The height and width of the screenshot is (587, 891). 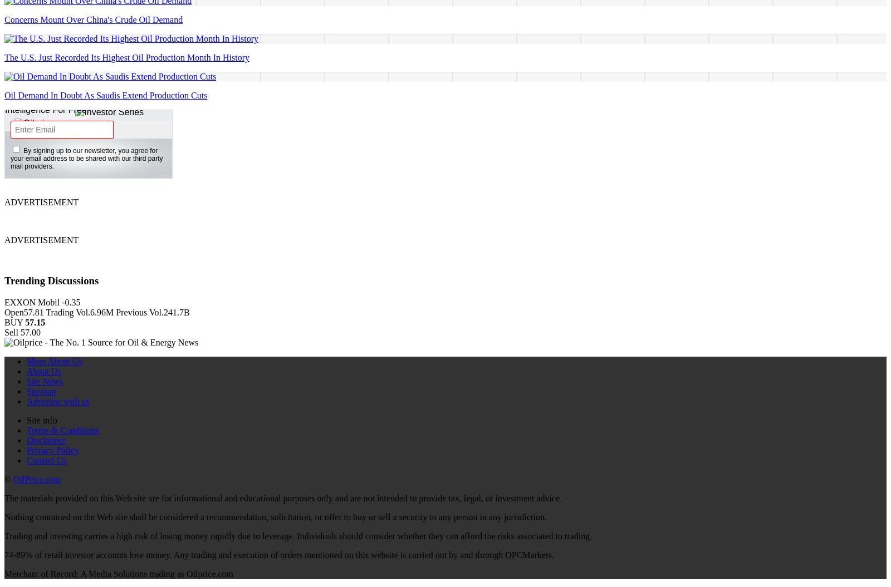 What do you see at coordinates (40, 390) in the screenshot?
I see `'Sitemap'` at bounding box center [40, 390].